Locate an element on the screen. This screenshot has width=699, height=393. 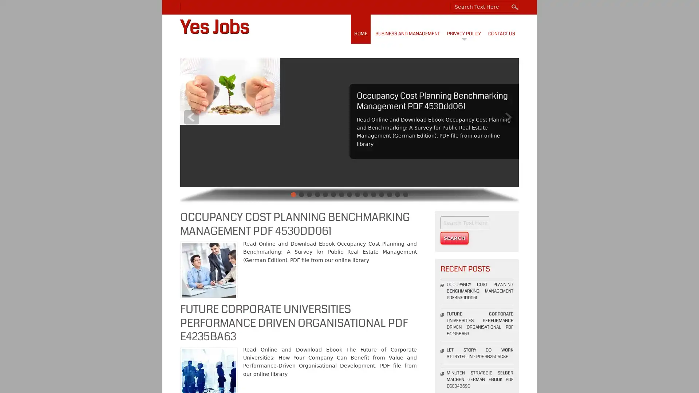
Search is located at coordinates (454, 238).